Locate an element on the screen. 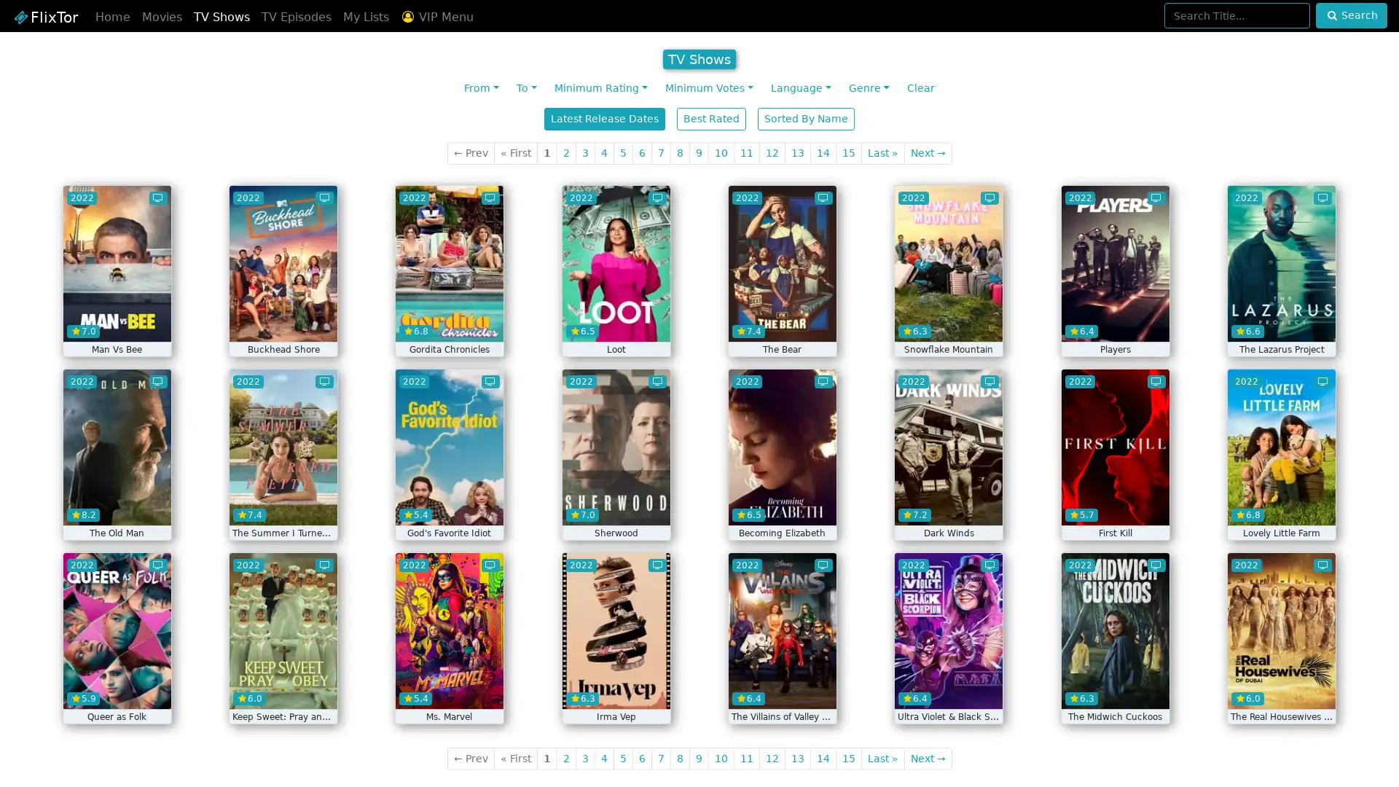  Search is located at coordinates (1350, 15).